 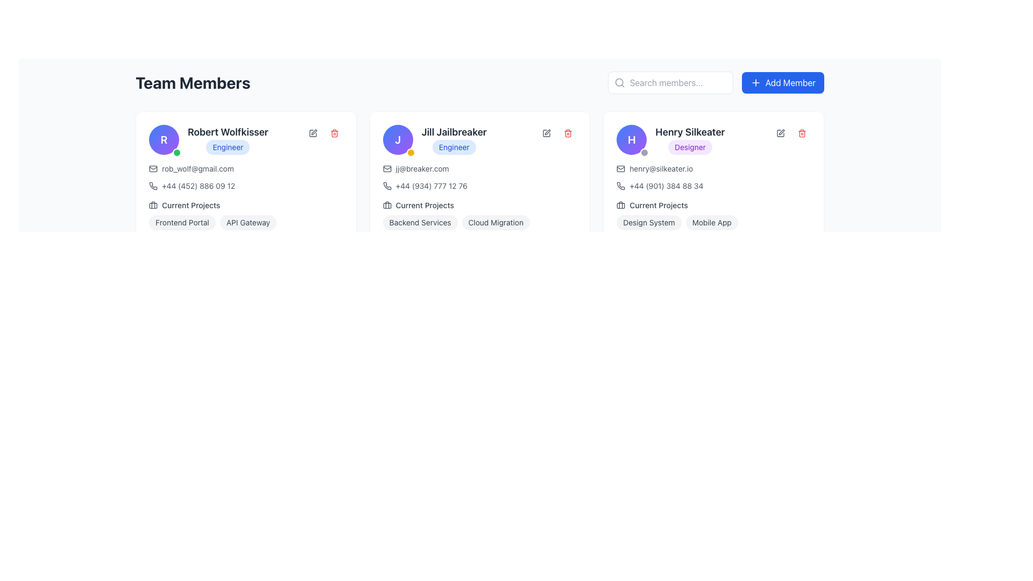 What do you see at coordinates (713, 244) in the screenshot?
I see `the header label indicating the user's skills` at bounding box center [713, 244].